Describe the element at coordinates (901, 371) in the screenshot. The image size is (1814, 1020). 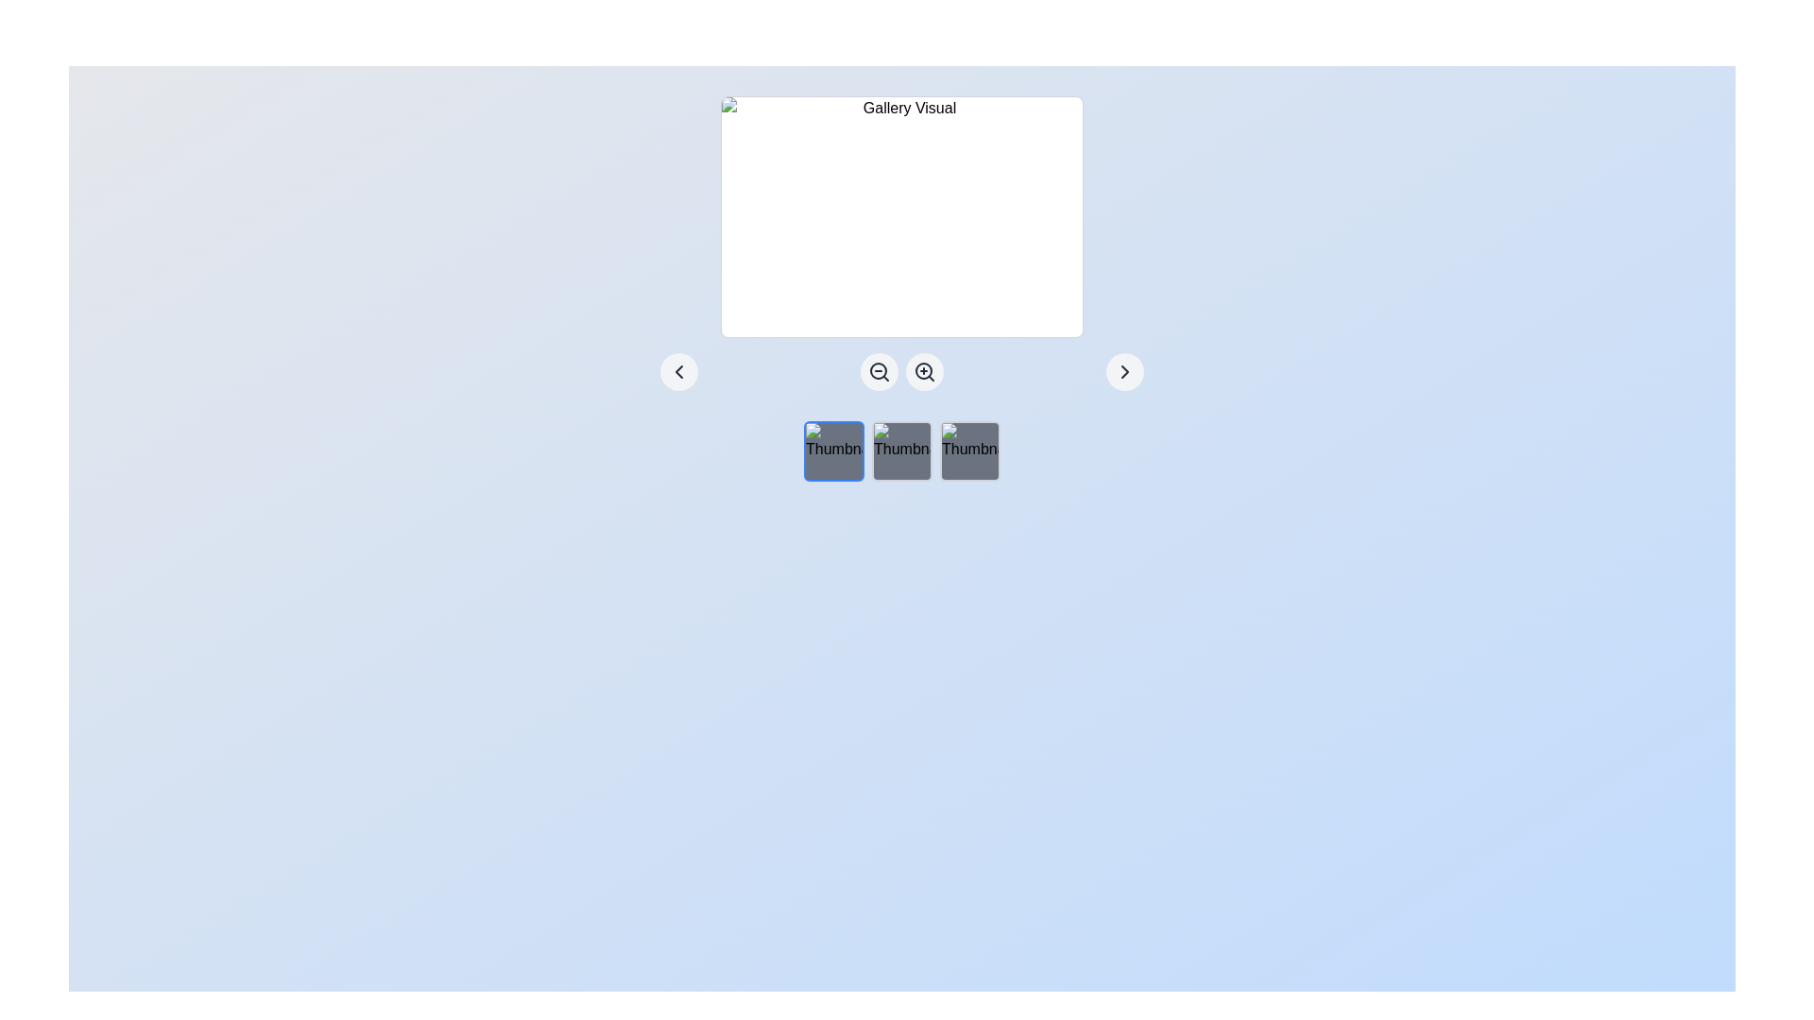
I see `the zoom in button located at the center bottom of the interface, beneath the 'Gallery Visual' area, to increase the zoom level` at that location.